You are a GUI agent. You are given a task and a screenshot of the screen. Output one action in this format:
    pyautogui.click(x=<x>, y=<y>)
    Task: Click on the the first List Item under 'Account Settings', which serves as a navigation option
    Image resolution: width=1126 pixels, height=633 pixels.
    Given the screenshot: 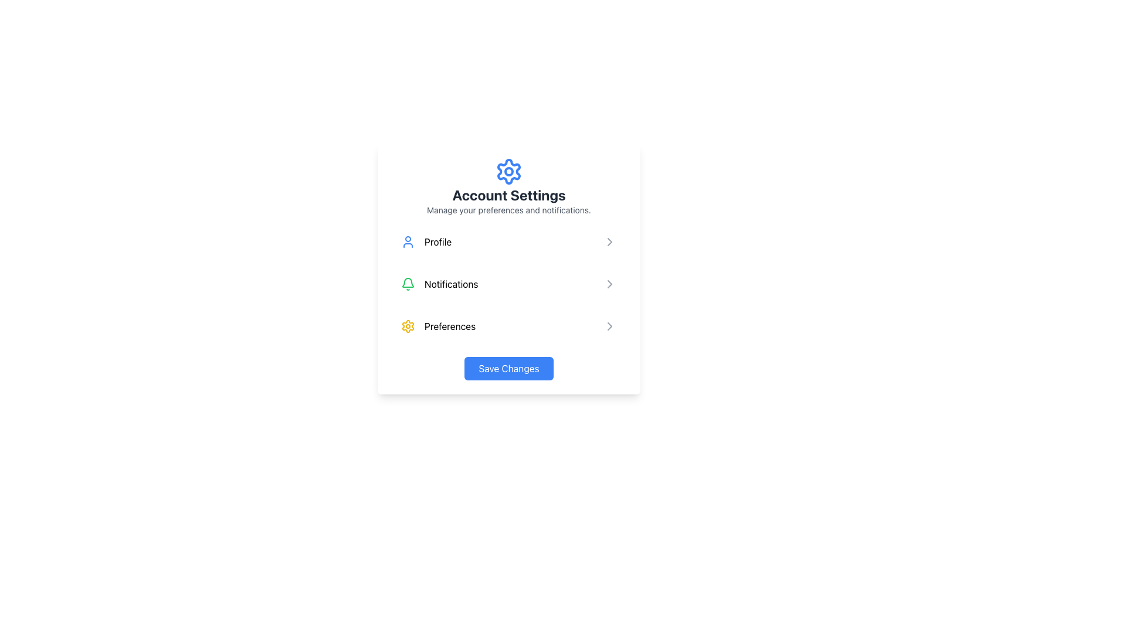 What is the action you would take?
    pyautogui.click(x=509, y=241)
    